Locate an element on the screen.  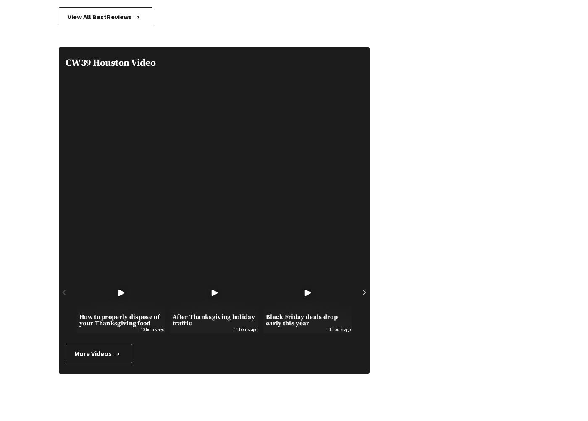
'View All BestReviews' is located at coordinates (100, 17).